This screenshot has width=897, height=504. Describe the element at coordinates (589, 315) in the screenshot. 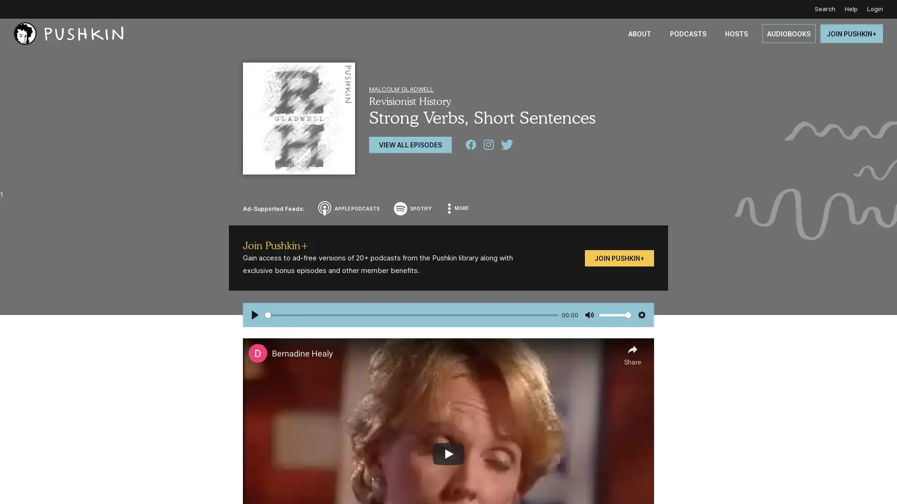

I see `Mute` at that location.